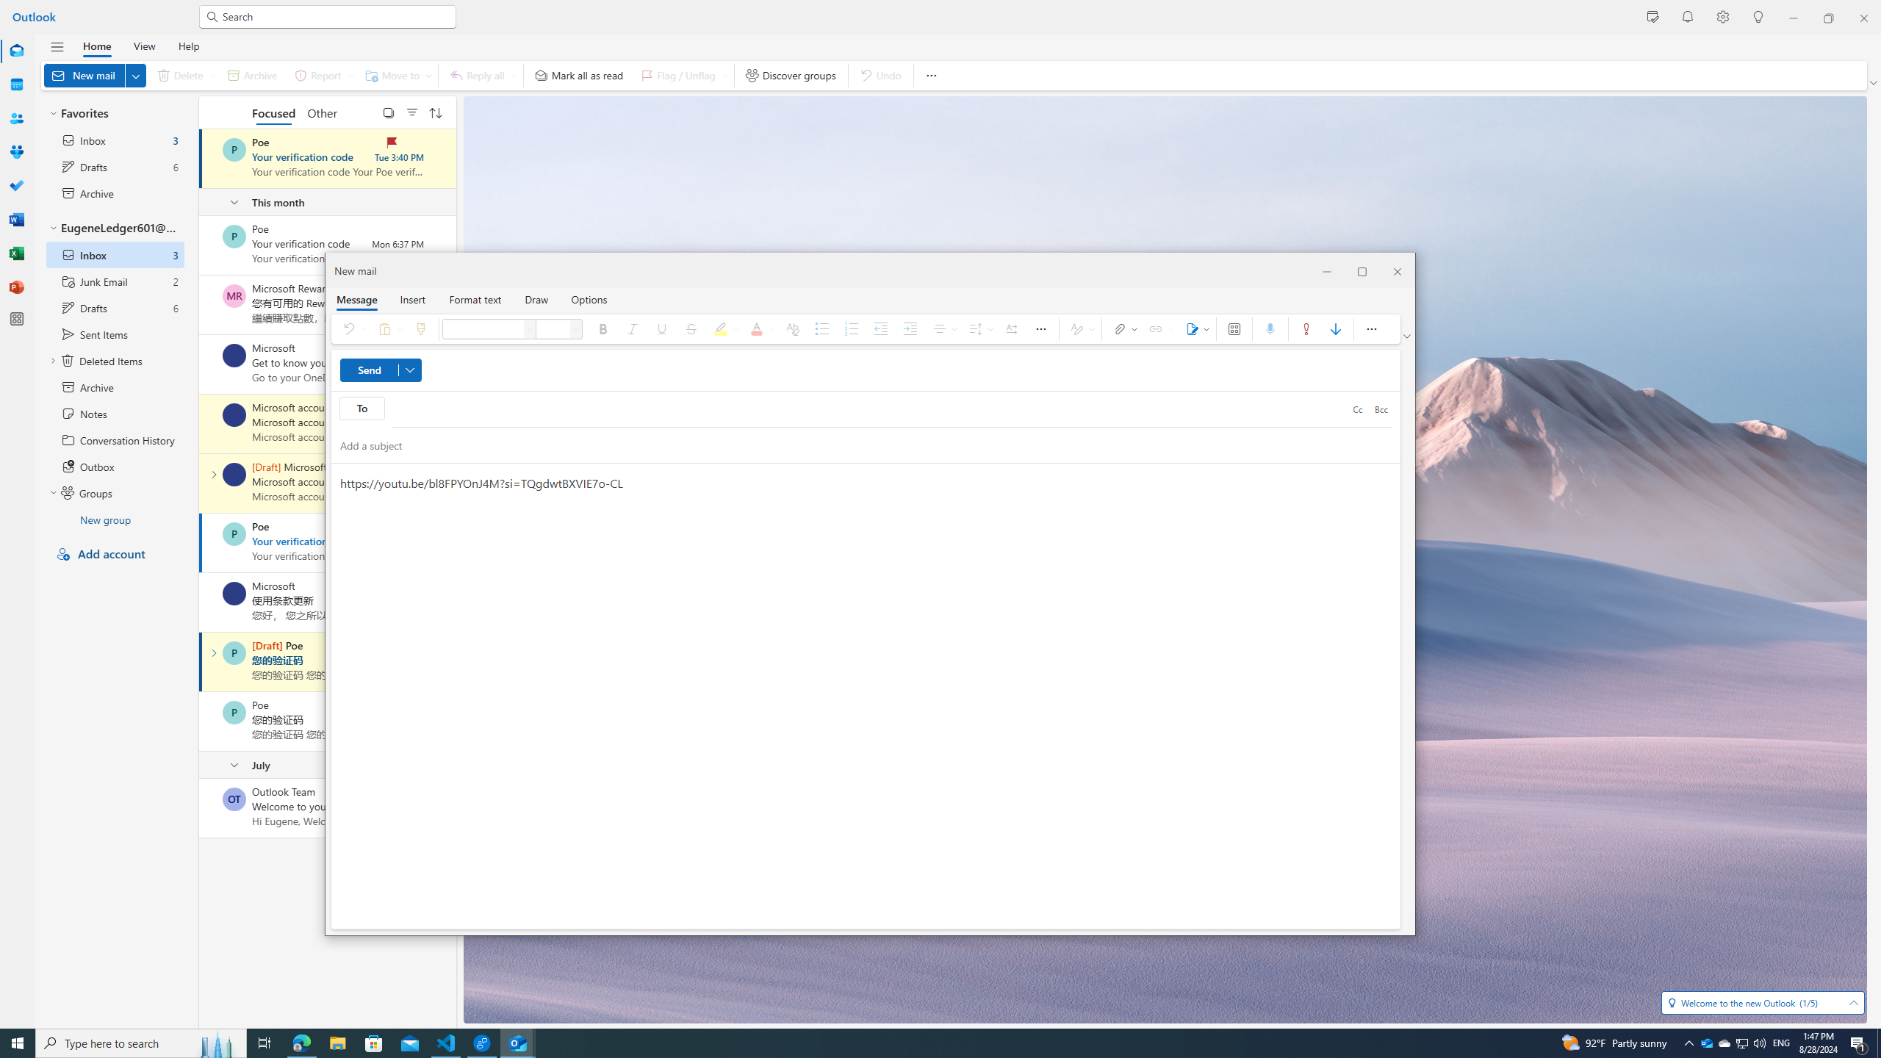 The height and width of the screenshot is (1058, 1881). Describe the element at coordinates (320, 75) in the screenshot. I see `'Report'` at that location.